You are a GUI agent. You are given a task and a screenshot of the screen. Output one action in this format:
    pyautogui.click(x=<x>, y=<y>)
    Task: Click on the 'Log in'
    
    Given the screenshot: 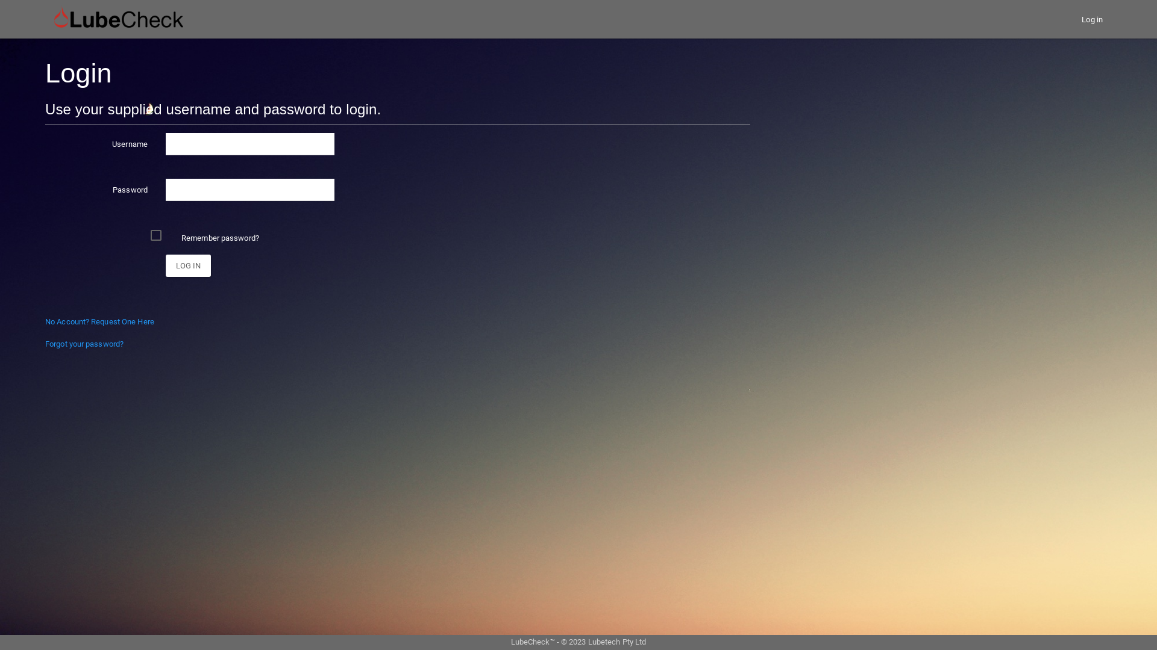 What is the action you would take?
    pyautogui.click(x=1092, y=19)
    